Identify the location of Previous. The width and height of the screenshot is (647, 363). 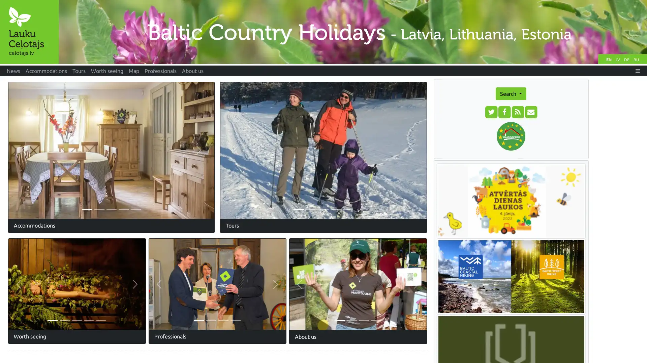
(158, 284).